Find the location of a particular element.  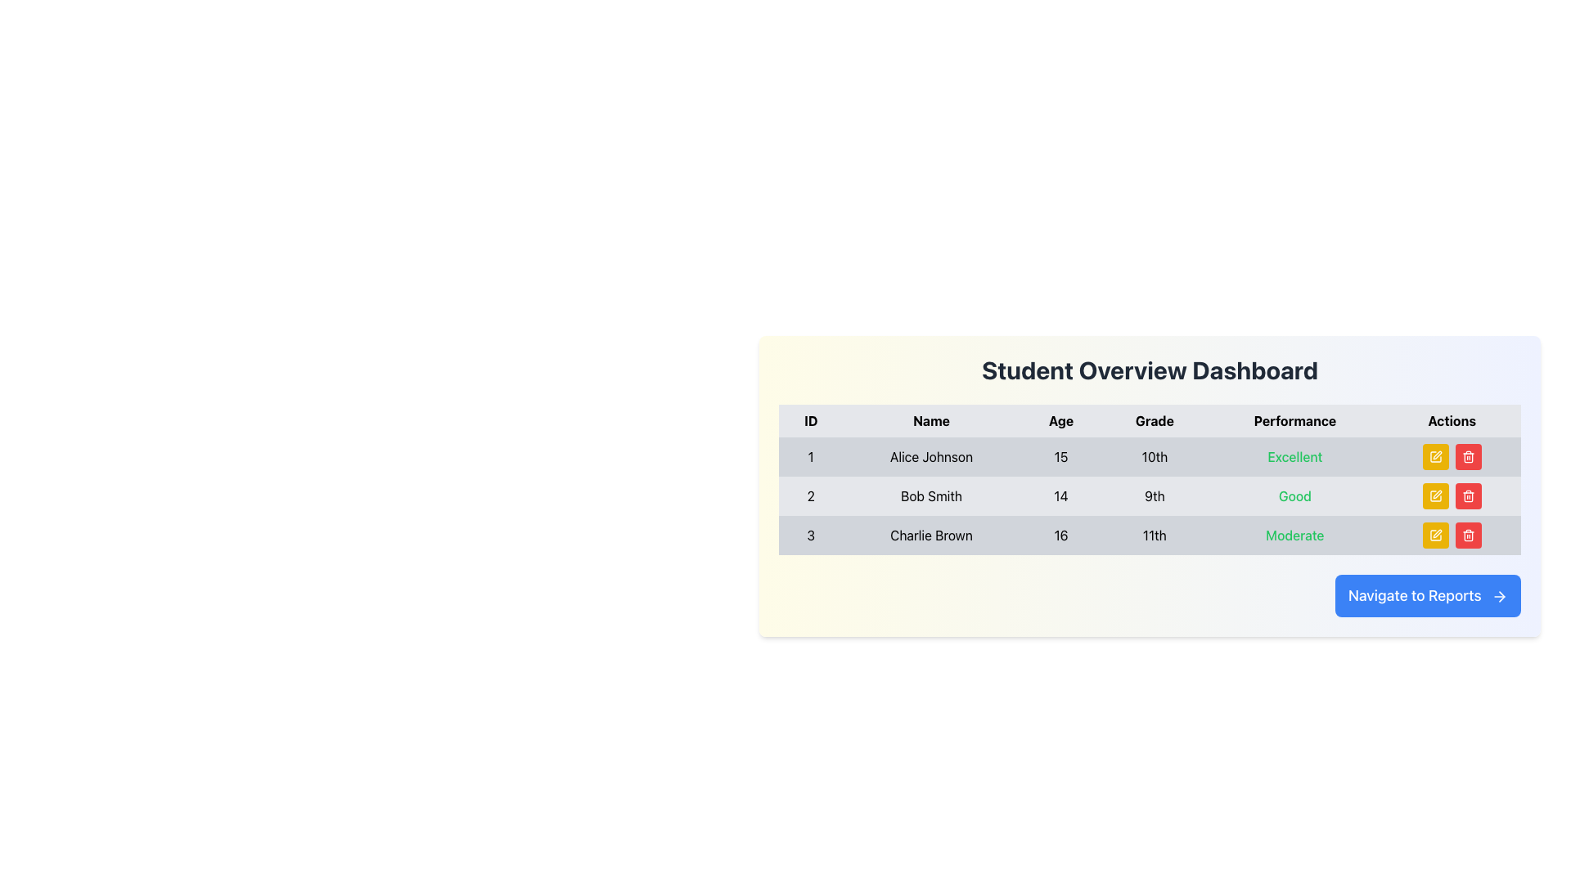

the edit button located in the 'Actions' column of the first row corresponding to 'Alice Johnson' is located at coordinates (1434, 457).